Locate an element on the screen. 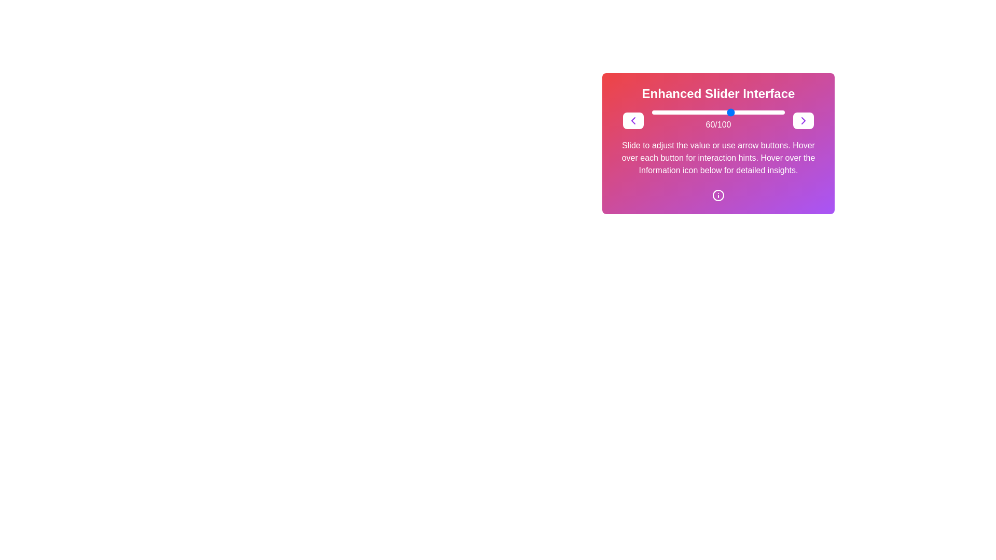 The height and width of the screenshot is (560, 996). the Read-only Text Label displaying '60/100', which is styled in bold and located under the slider bar in the center of the interface is located at coordinates (717, 124).